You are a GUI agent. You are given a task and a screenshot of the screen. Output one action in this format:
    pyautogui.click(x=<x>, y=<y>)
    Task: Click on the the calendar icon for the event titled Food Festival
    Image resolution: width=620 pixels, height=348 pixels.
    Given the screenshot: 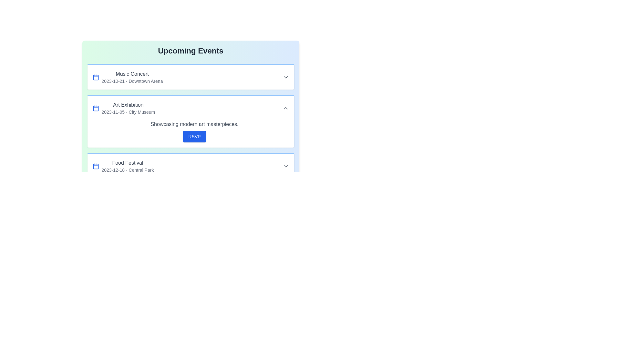 What is the action you would take?
    pyautogui.click(x=95, y=166)
    